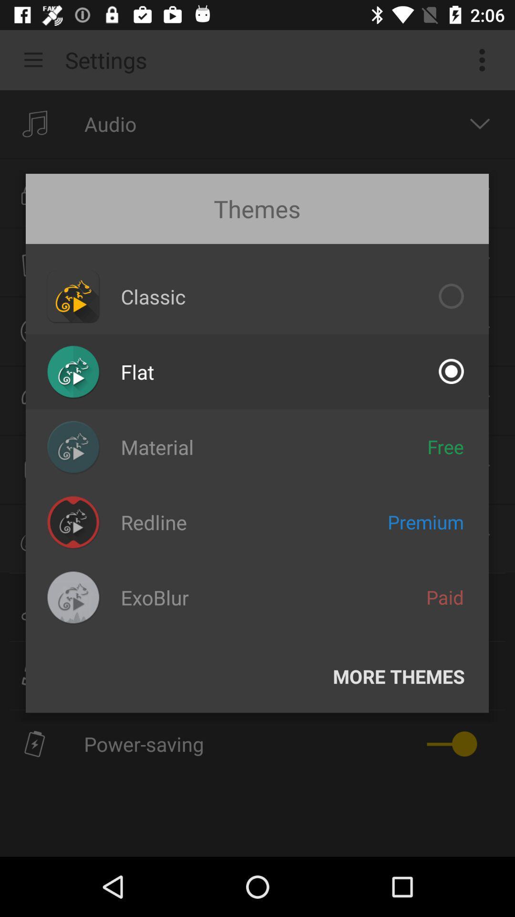 This screenshot has height=917, width=515. What do you see at coordinates (157, 447) in the screenshot?
I see `the icon next to free item` at bounding box center [157, 447].